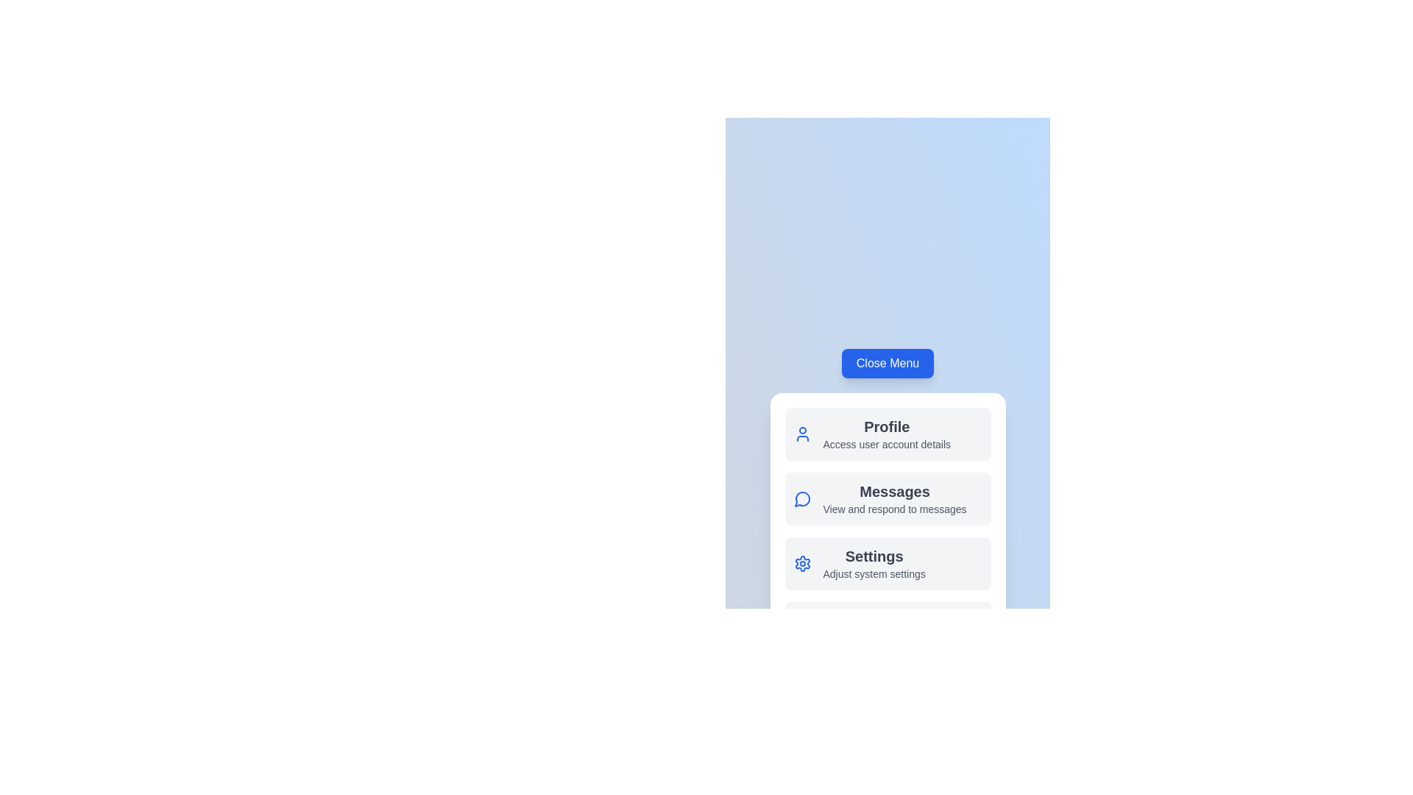  What do you see at coordinates (887, 434) in the screenshot?
I see `the 'Profile' menu item to view user account details` at bounding box center [887, 434].